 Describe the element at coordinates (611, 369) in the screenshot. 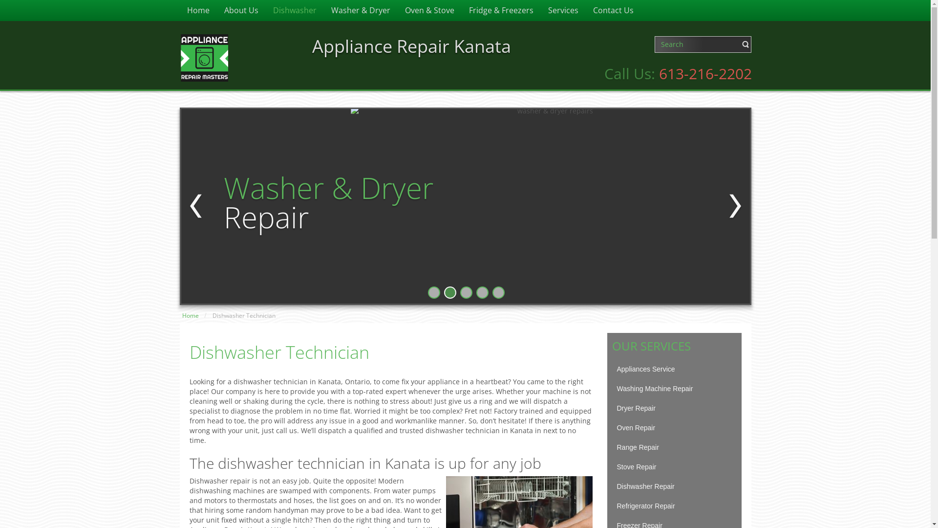

I see `'Appliances Service'` at that location.